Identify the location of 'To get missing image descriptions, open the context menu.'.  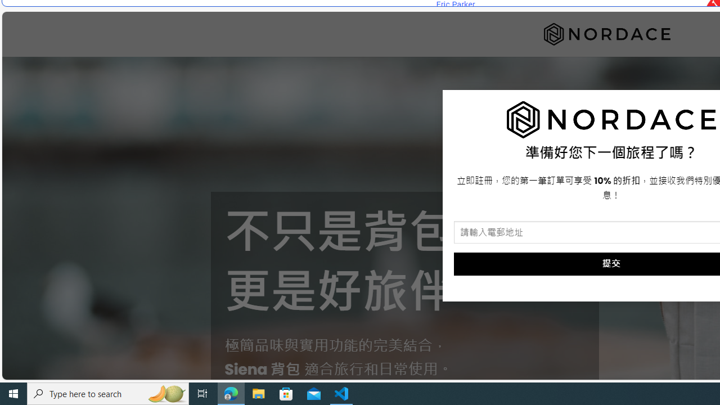
(611, 120).